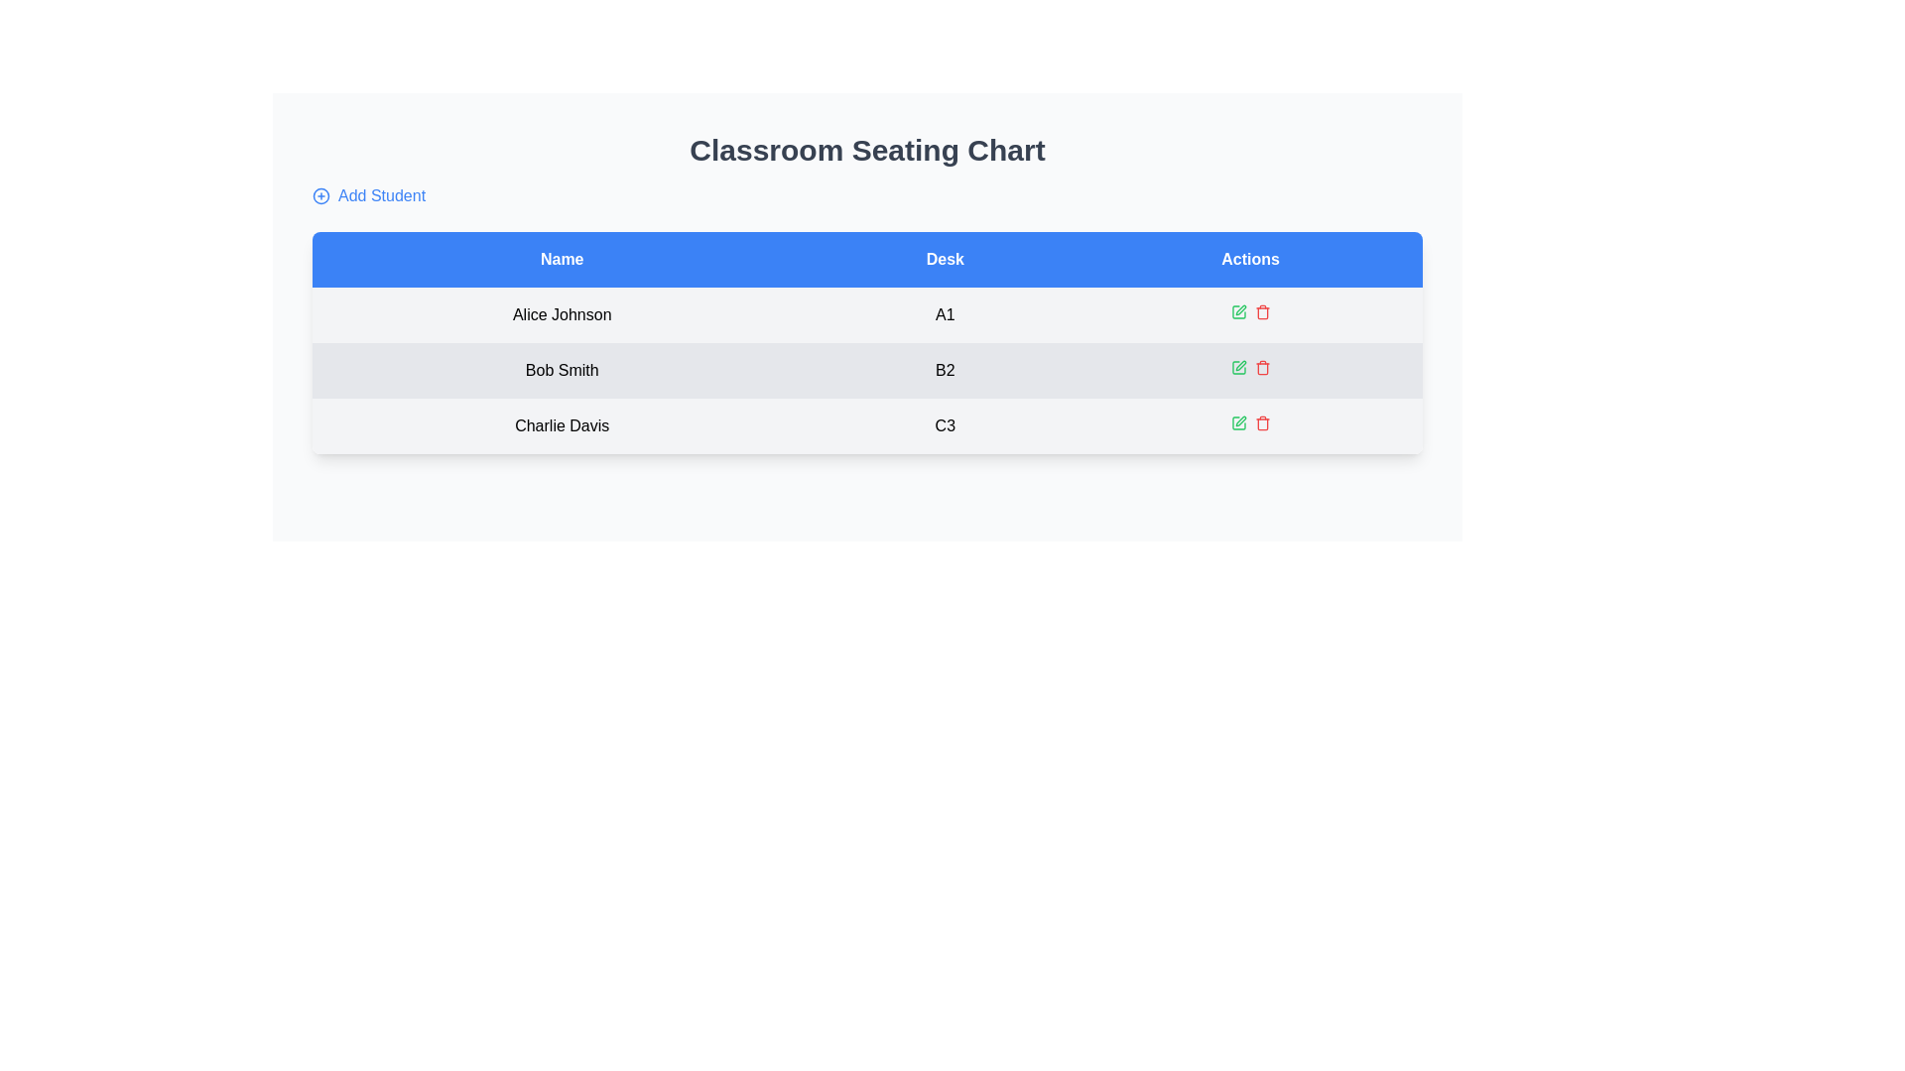  Describe the element at coordinates (369, 195) in the screenshot. I see `the button for adding new students, located near the top left of the page beneath the 'Classroom Seating Chart' heading` at that location.